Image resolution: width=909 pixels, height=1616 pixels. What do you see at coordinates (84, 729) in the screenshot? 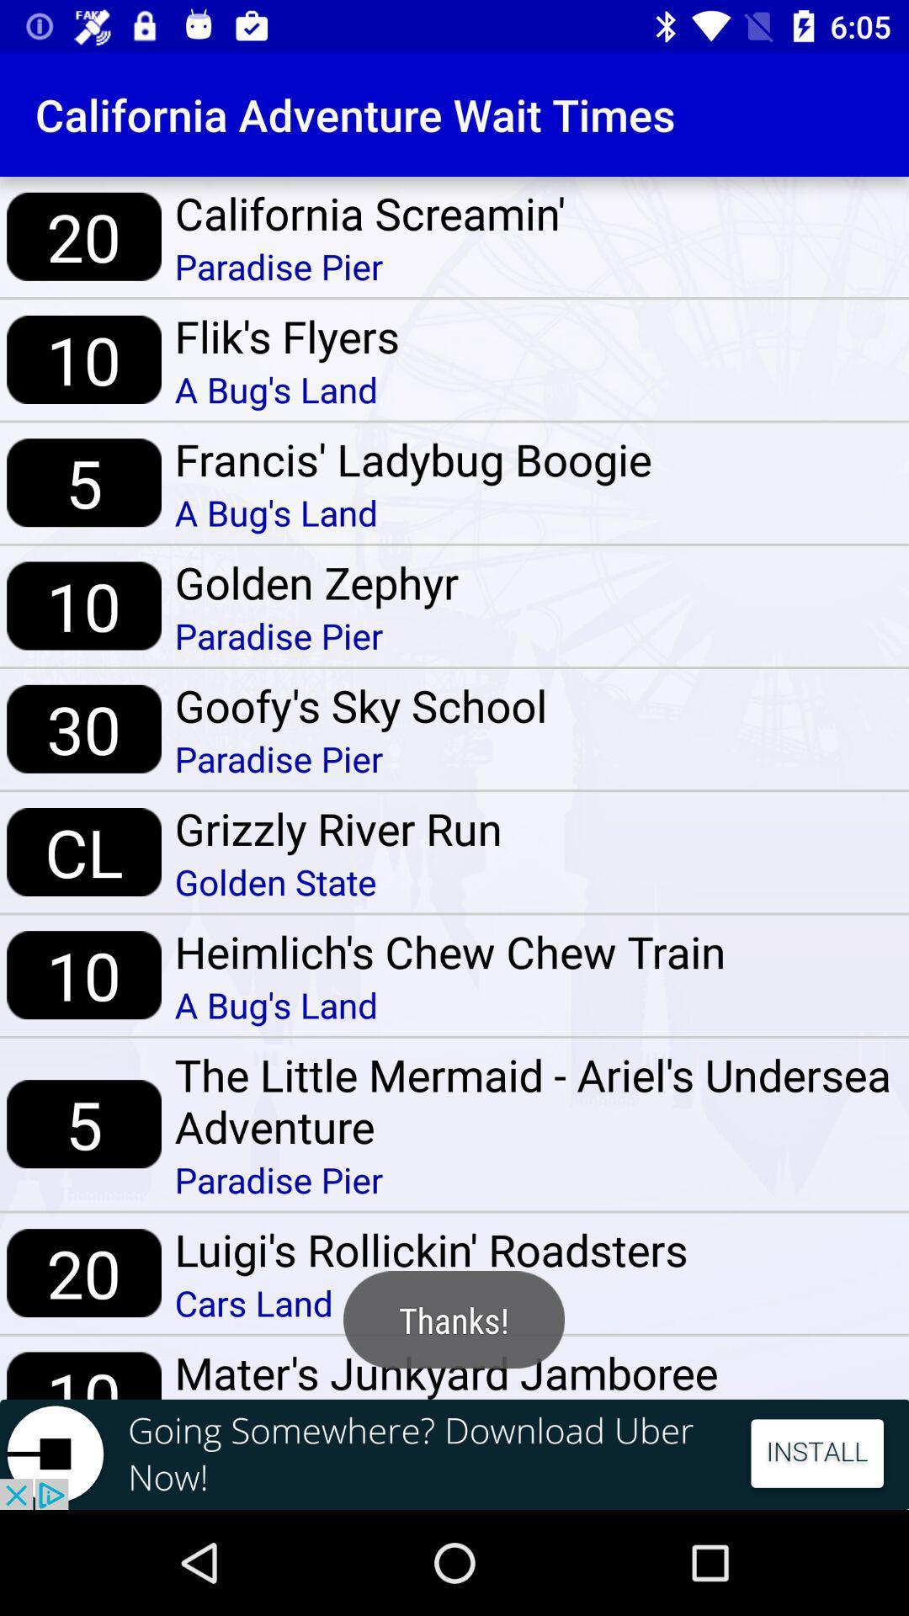
I see `item above cl` at bounding box center [84, 729].